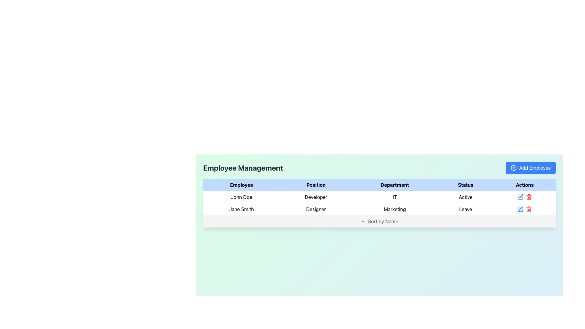 Image resolution: width=585 pixels, height=329 pixels. I want to click on the 'Add Employee' button located at the top-right corner of the 'Employee Management' section, so click(530, 168).